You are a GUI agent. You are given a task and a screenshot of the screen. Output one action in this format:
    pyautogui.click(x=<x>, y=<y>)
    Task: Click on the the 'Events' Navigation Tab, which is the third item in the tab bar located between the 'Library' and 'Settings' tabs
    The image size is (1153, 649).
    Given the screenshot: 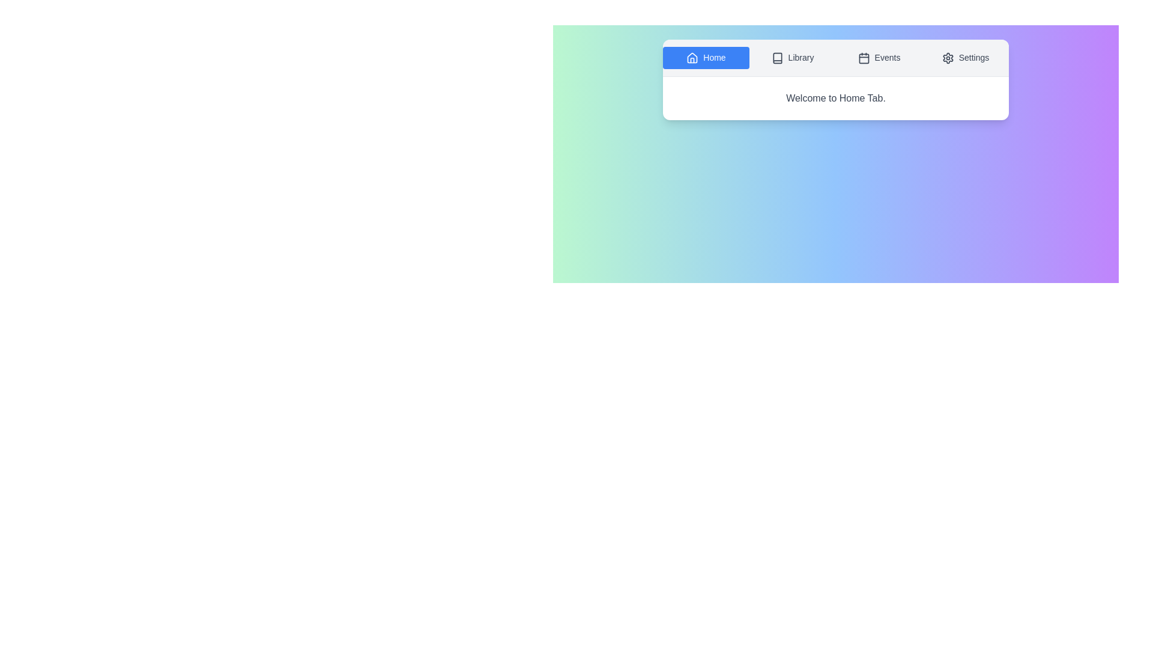 What is the action you would take?
    pyautogui.click(x=879, y=58)
    